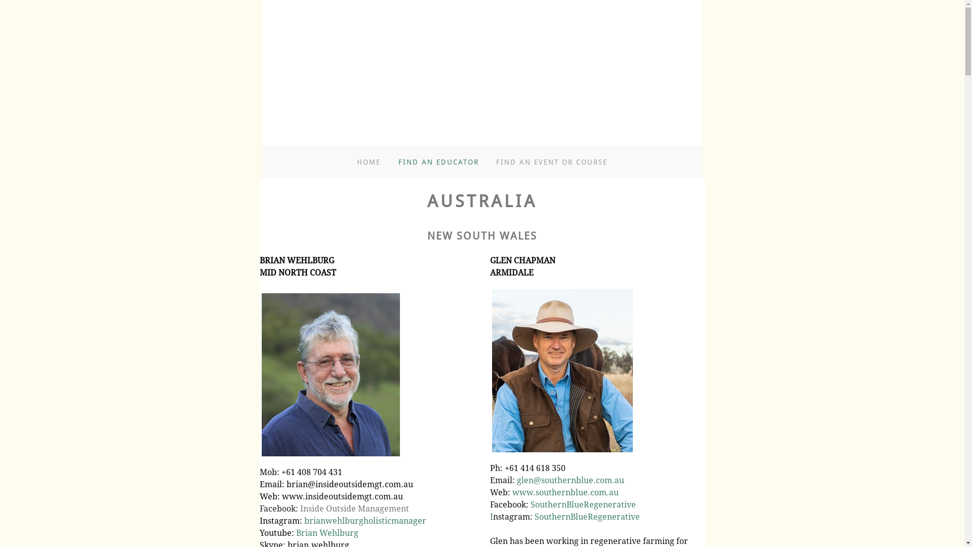  Describe the element at coordinates (551, 162) in the screenshot. I see `'FIND AN EVENT OR COURSE'` at that location.